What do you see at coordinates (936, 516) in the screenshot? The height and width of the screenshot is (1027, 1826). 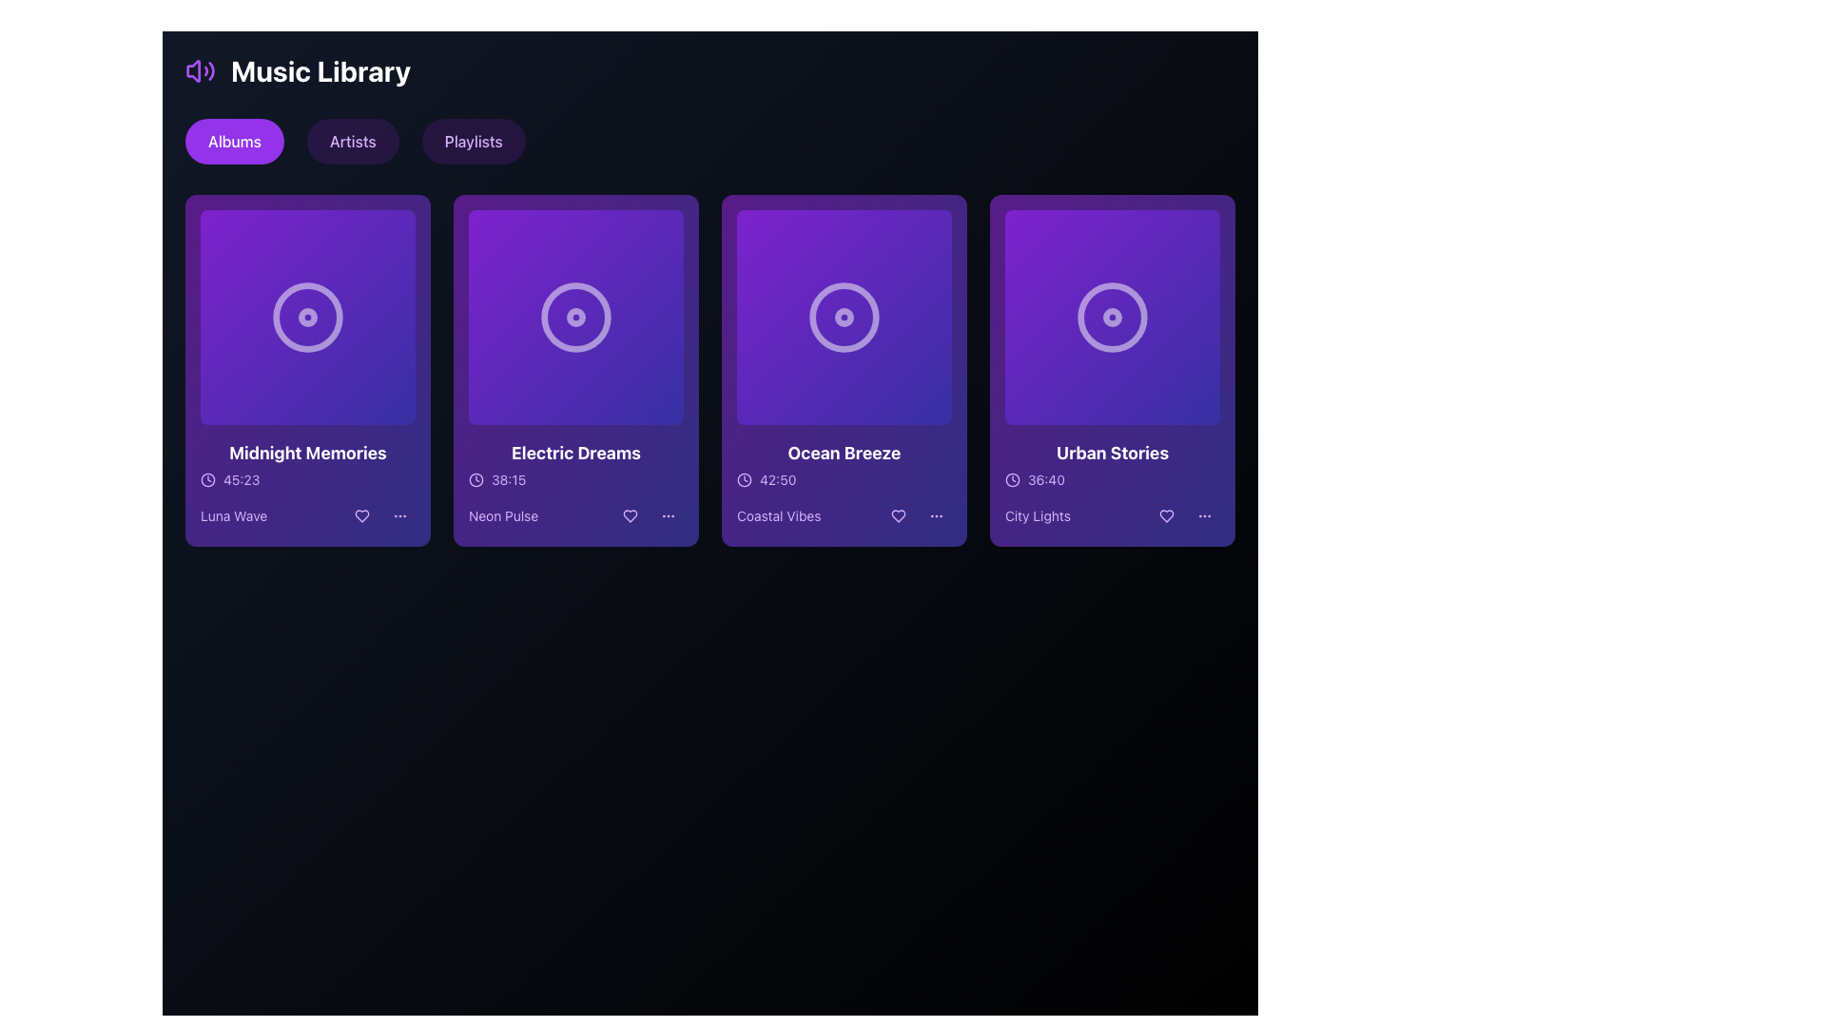 I see `the ellipsis icon with three purple dots located at the bottom-right section of the 'Ocean Breeze' album card` at bounding box center [936, 516].